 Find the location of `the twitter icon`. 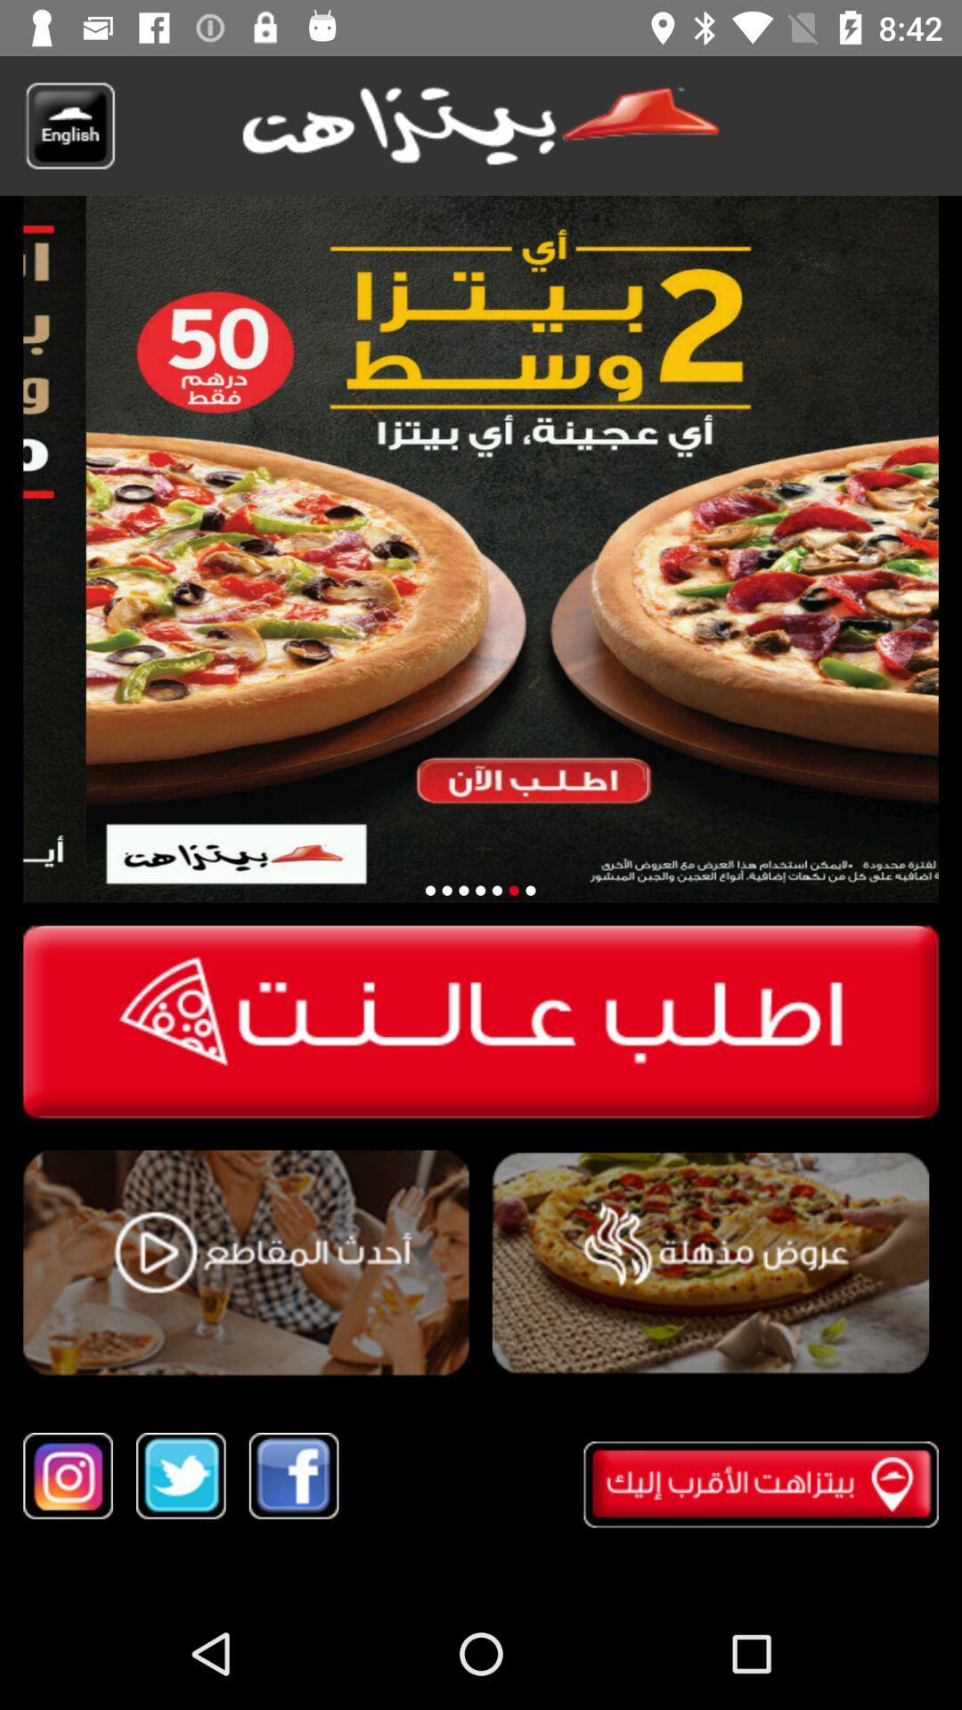

the twitter icon is located at coordinates (181, 1476).